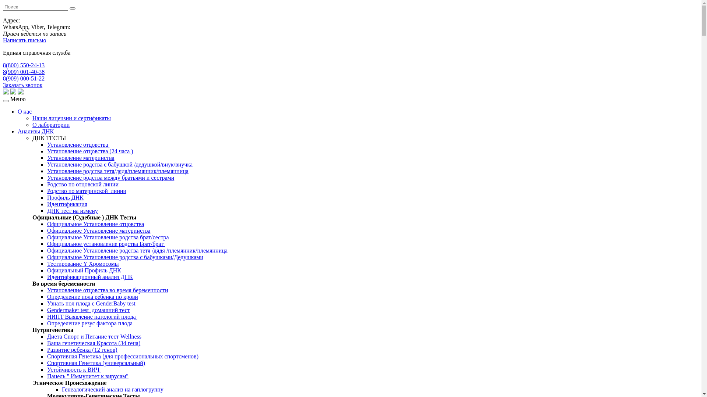 The image size is (707, 397). Describe the element at coordinates (3, 65) in the screenshot. I see `'8(800) 550-24-13'` at that location.